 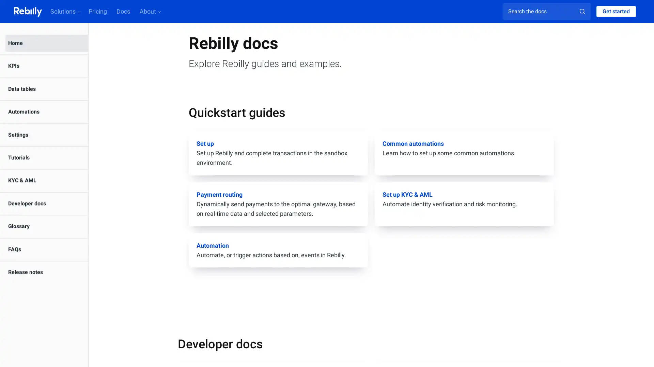 I want to click on Get started, so click(x=616, y=12).